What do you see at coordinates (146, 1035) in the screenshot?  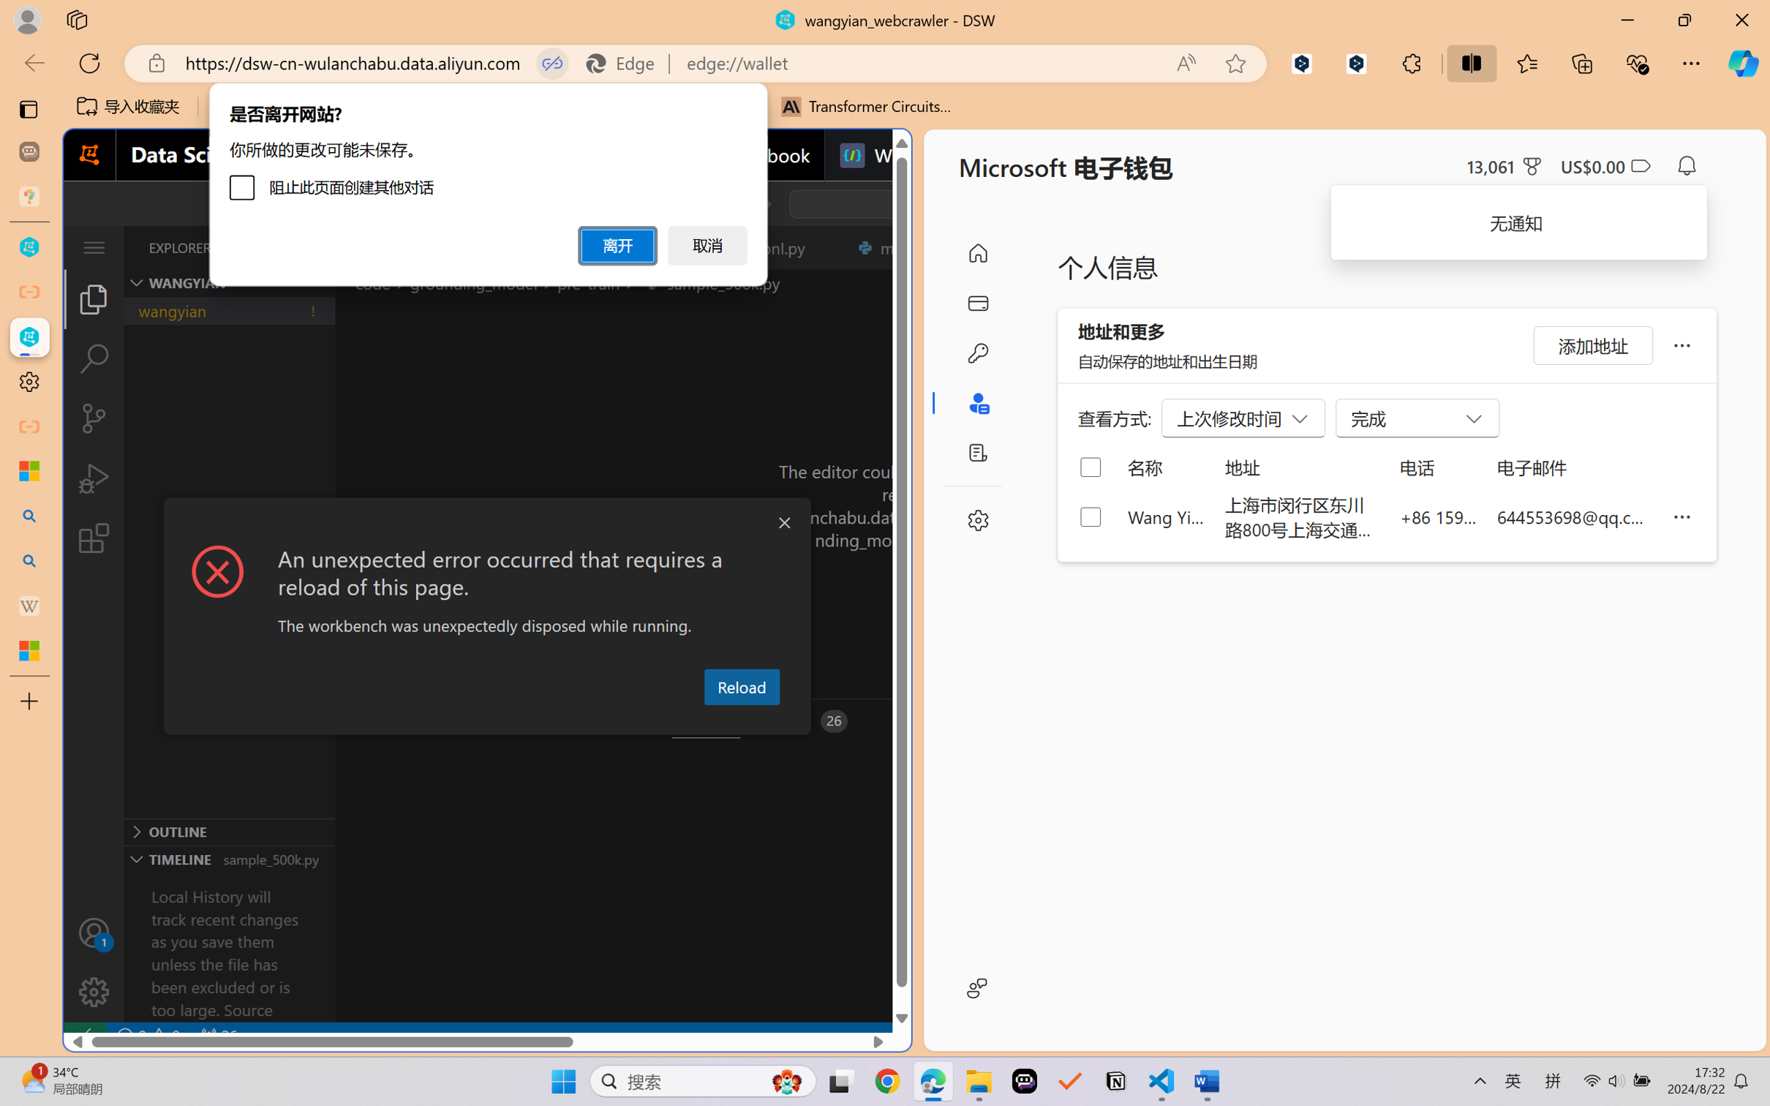 I see `'No Problems'` at bounding box center [146, 1035].